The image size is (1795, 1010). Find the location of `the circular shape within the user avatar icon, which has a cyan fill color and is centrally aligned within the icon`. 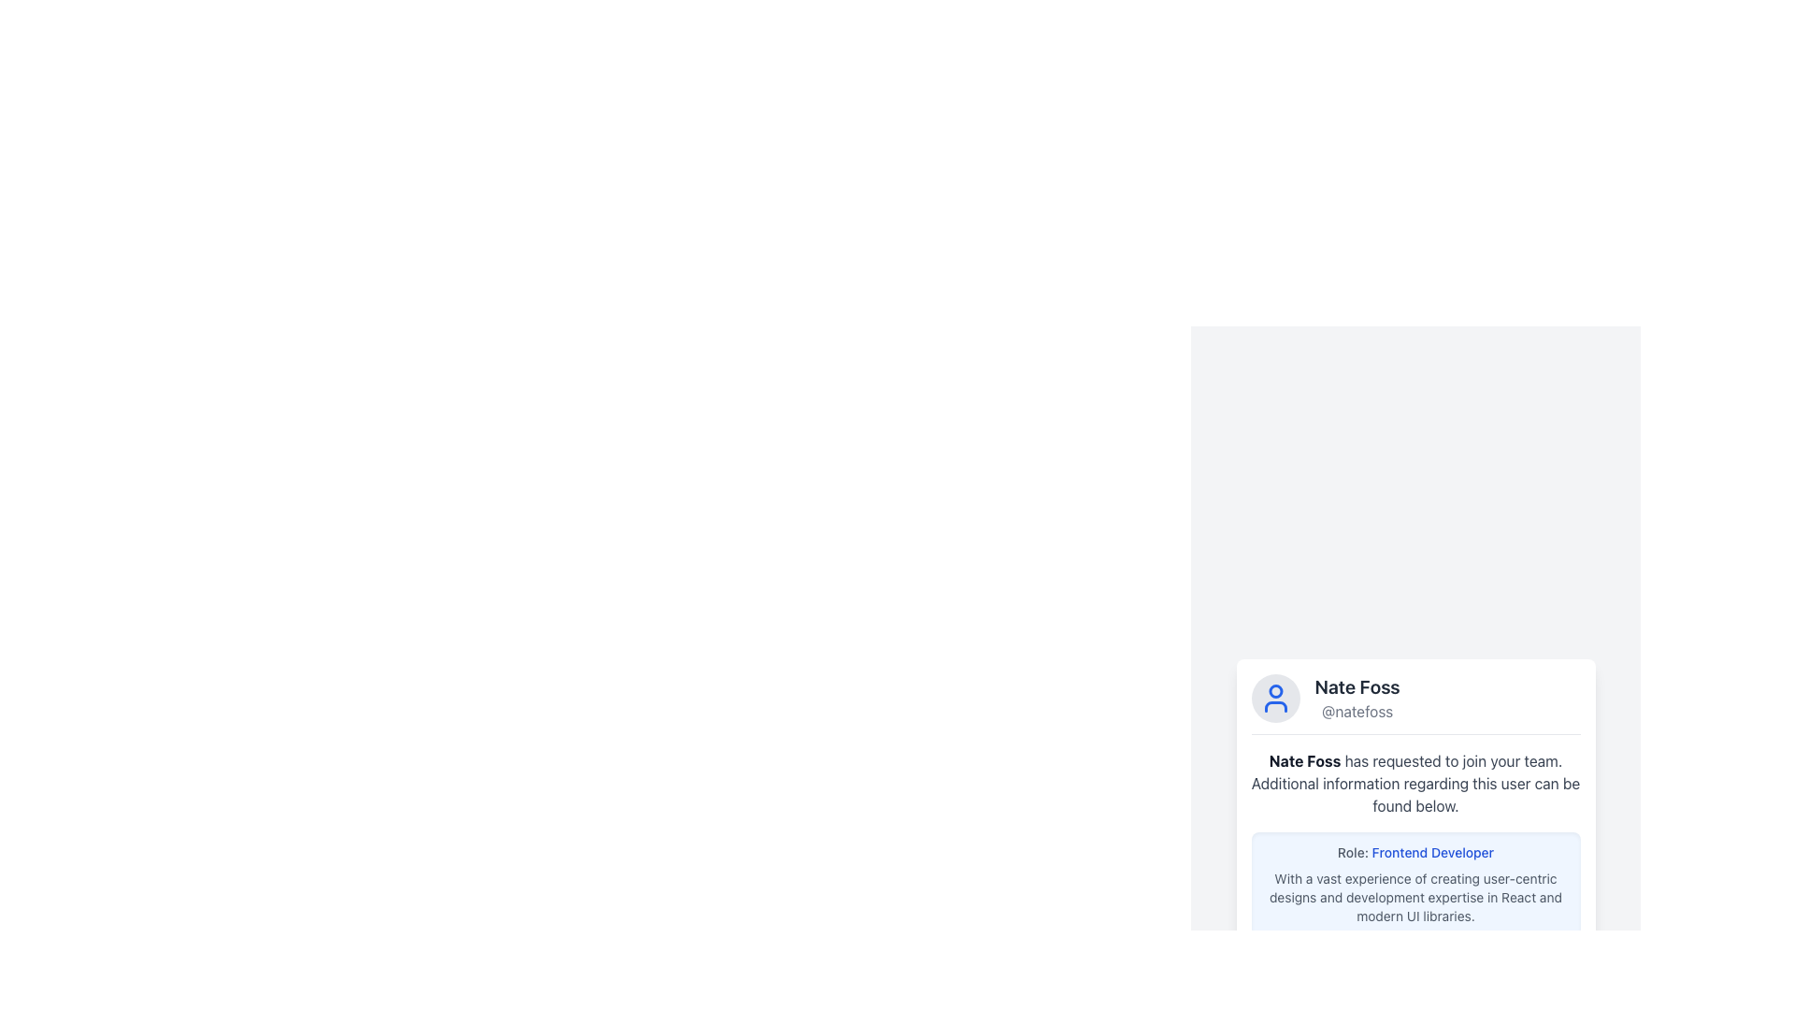

the circular shape within the user avatar icon, which has a cyan fill color and is centrally aligned within the icon is located at coordinates (1274, 691).